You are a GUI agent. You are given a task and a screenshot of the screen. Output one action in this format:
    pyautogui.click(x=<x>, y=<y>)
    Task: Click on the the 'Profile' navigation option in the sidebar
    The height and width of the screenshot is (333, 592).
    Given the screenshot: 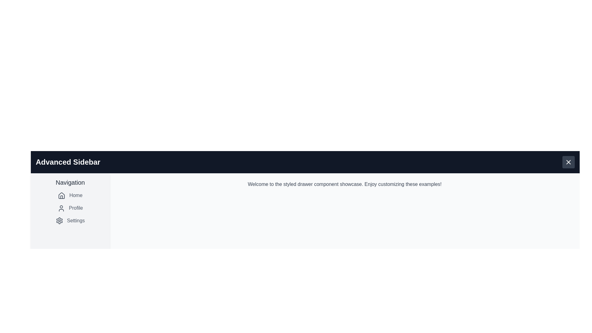 What is the action you would take?
    pyautogui.click(x=70, y=208)
    